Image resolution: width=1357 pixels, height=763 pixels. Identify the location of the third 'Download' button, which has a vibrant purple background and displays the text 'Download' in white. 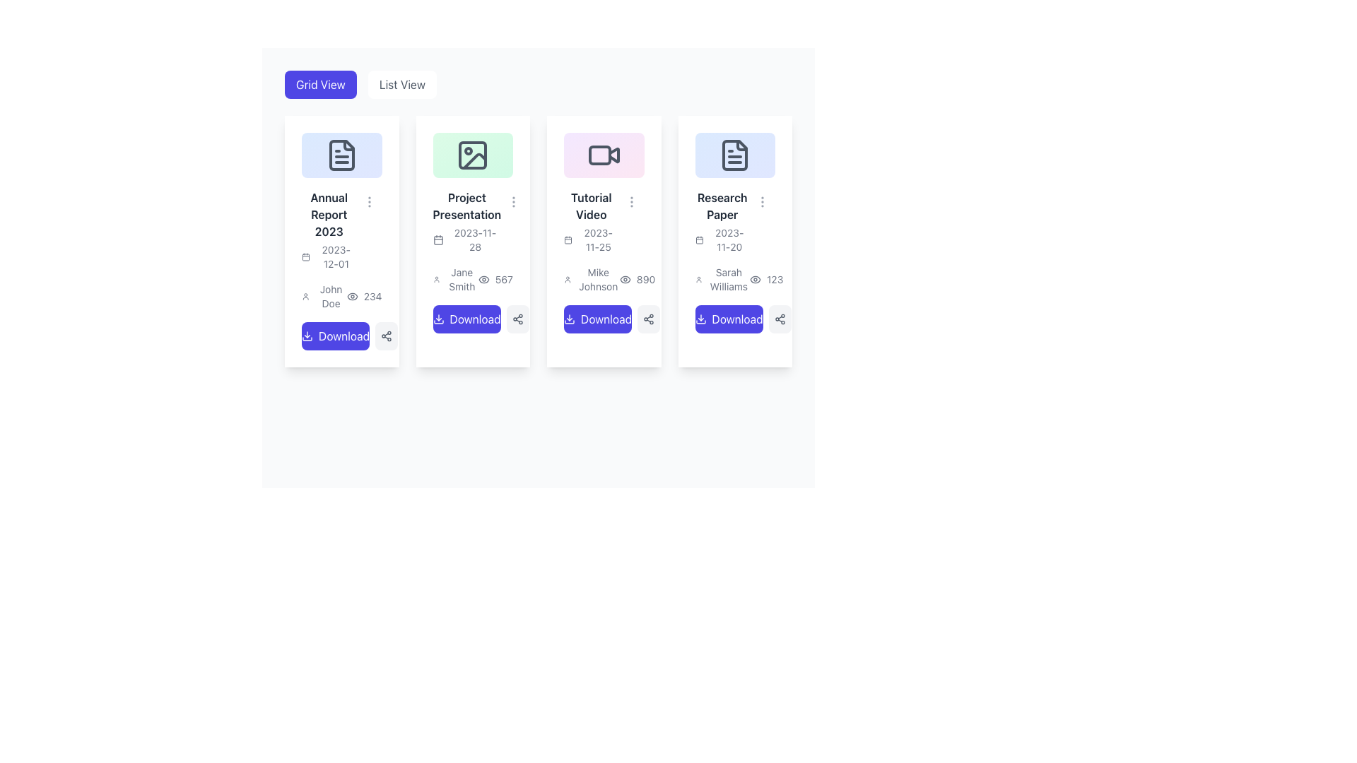
(598, 319).